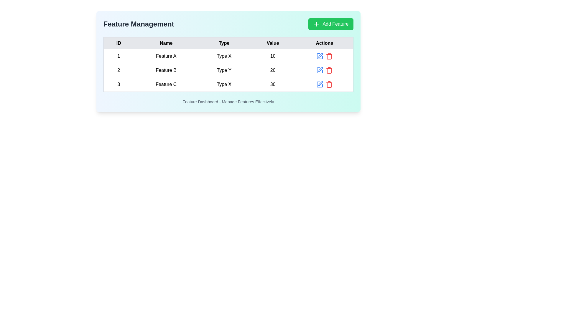 The height and width of the screenshot is (318, 566). Describe the element at coordinates (166, 85) in the screenshot. I see `the text label displaying 'Feature C', which is located in the third row under the 'Name' column of the table` at that location.